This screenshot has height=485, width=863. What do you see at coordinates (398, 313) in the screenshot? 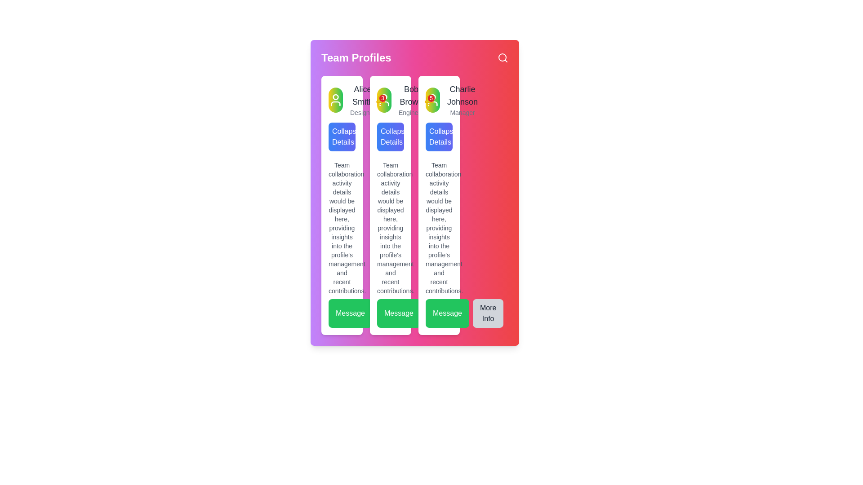
I see `the leftmost button in a row of buttons at the bottom of the profile card to initiate a message action` at bounding box center [398, 313].